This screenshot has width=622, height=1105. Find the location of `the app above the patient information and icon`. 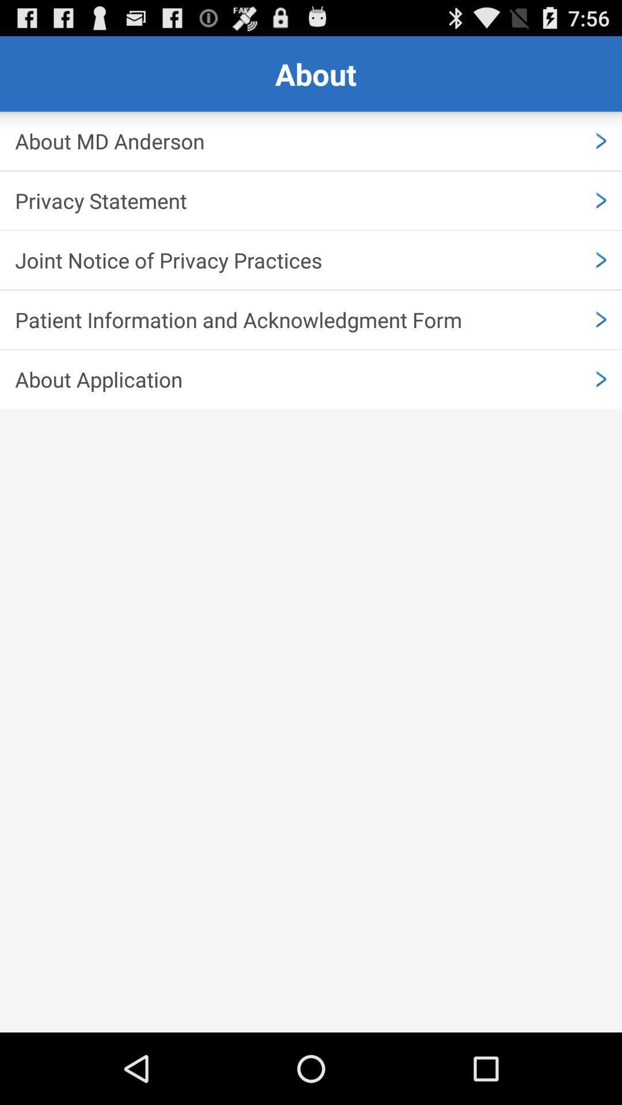

the app above the patient information and icon is located at coordinates (311, 260).